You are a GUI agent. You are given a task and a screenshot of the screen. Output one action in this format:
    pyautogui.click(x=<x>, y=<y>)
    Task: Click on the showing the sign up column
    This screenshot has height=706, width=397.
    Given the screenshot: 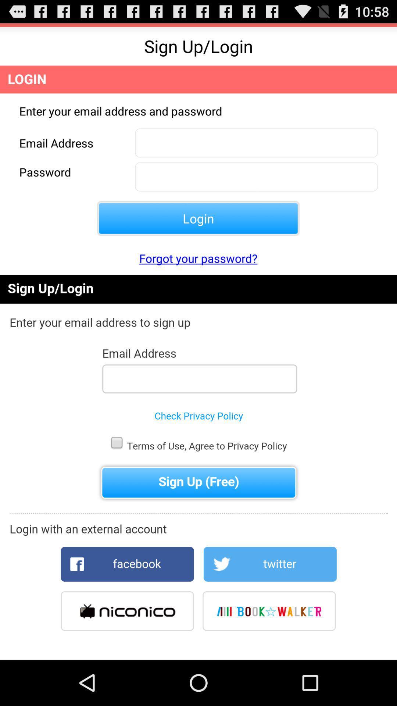 What is the action you would take?
    pyautogui.click(x=198, y=467)
    